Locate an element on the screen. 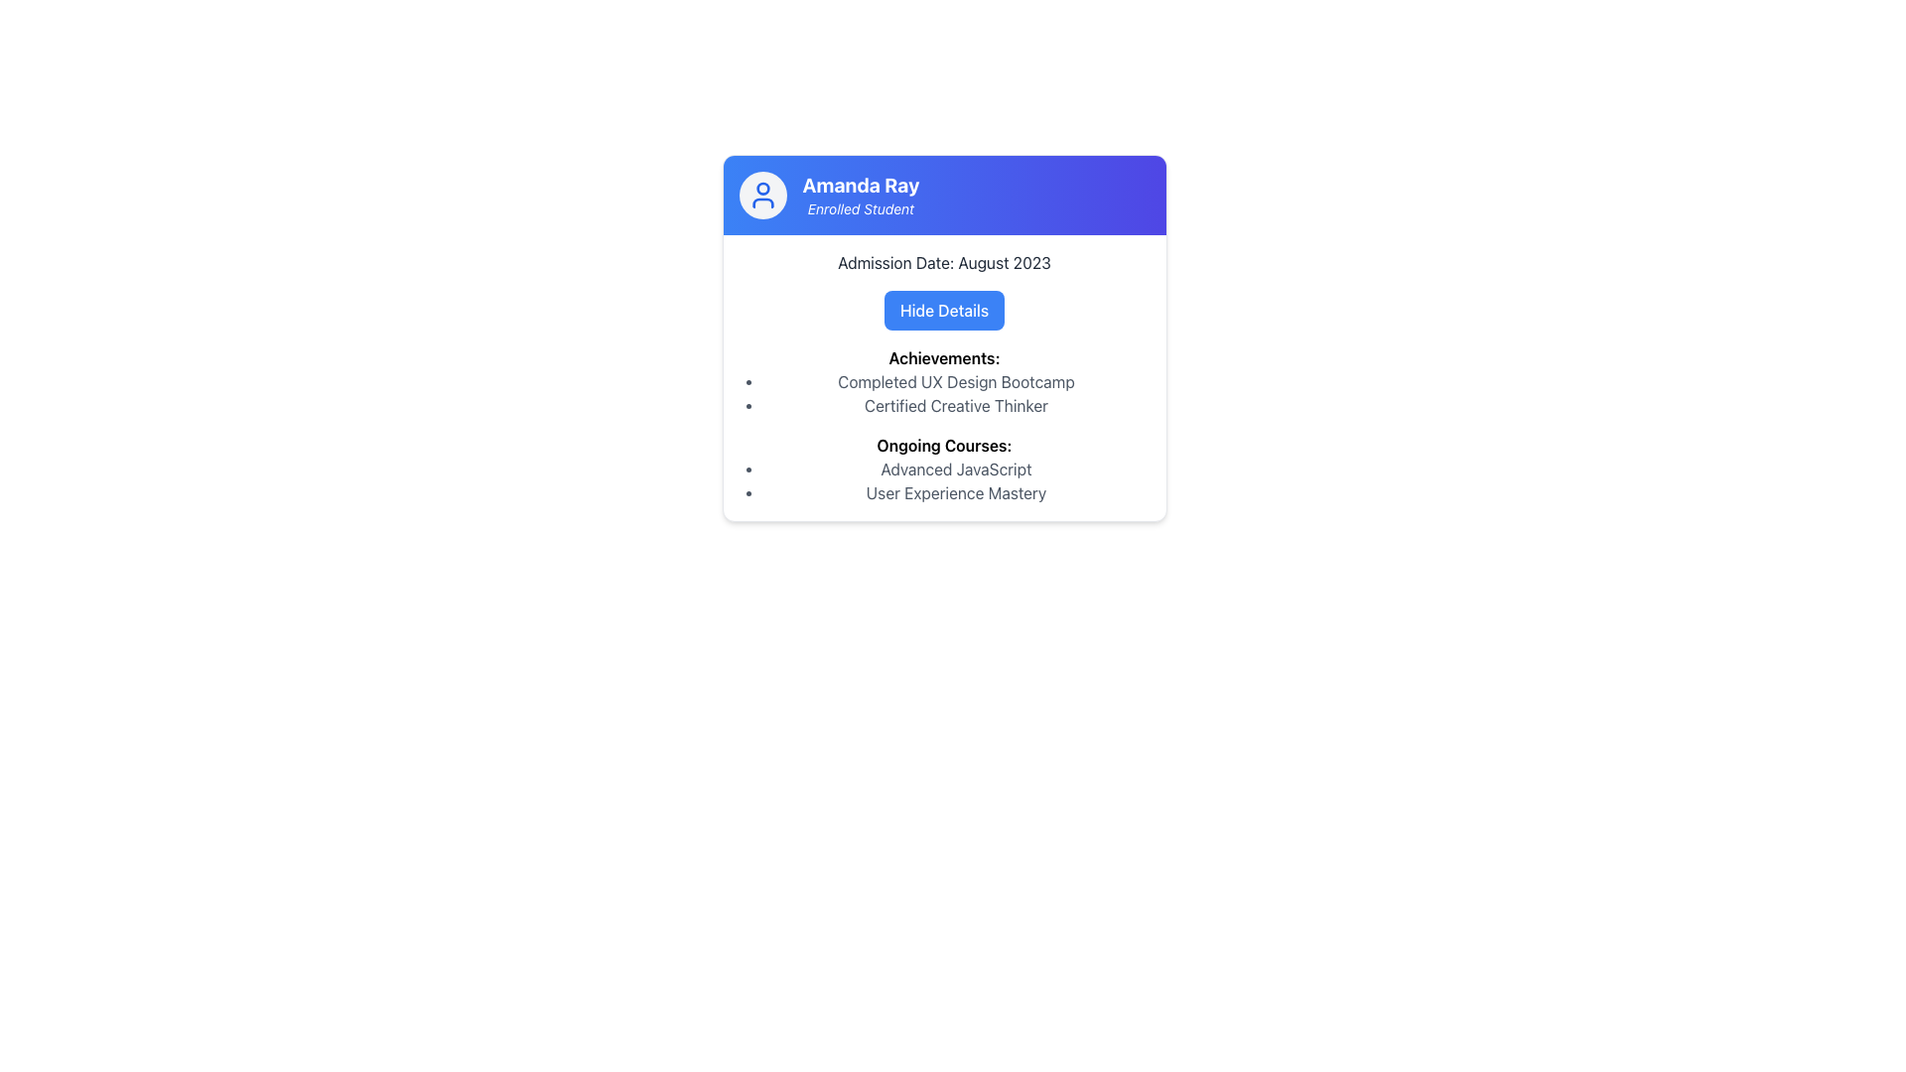 This screenshot has width=1906, height=1072. the text label displaying 'User Experience Mastery' in gray, which is the second item in the bulleted list titled 'Ongoing Courses.' is located at coordinates (956, 492).